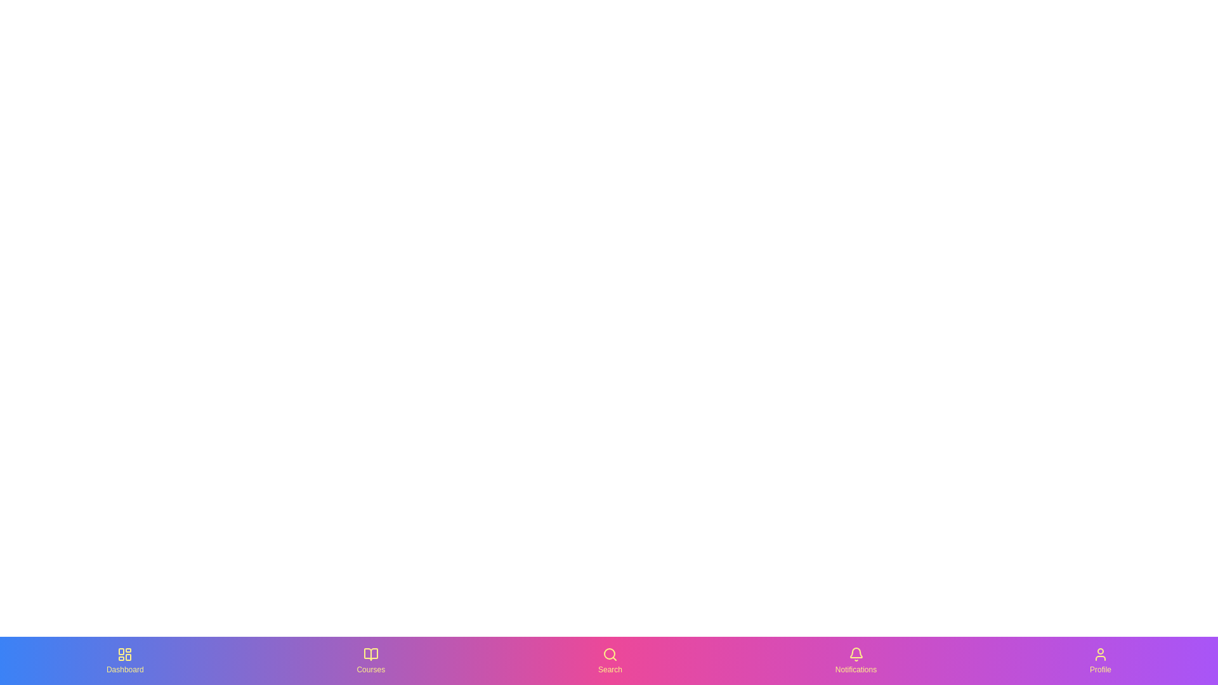  I want to click on the Search icon in the bottom navigation bar, so click(609, 660).